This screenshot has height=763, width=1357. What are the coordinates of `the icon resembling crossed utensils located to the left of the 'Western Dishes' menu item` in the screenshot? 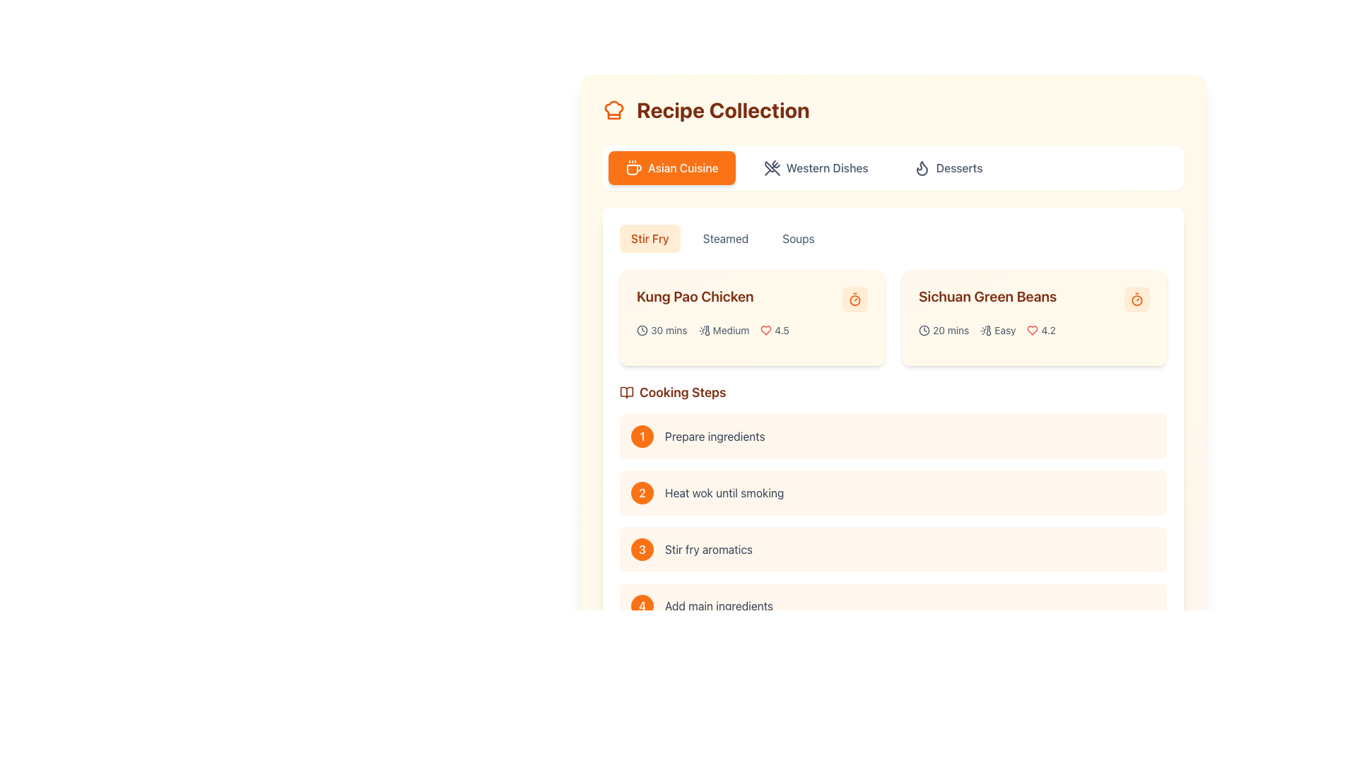 It's located at (770, 167).